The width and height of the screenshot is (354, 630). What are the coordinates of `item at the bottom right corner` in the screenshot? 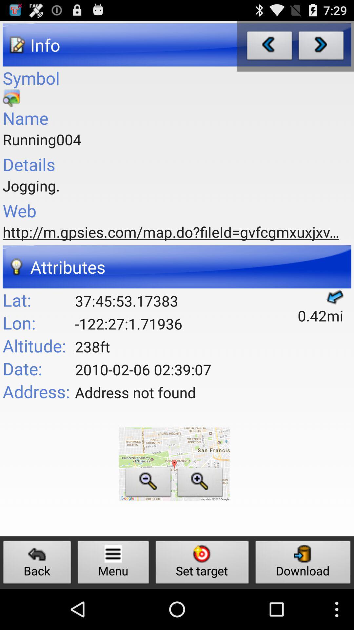 It's located at (303, 564).